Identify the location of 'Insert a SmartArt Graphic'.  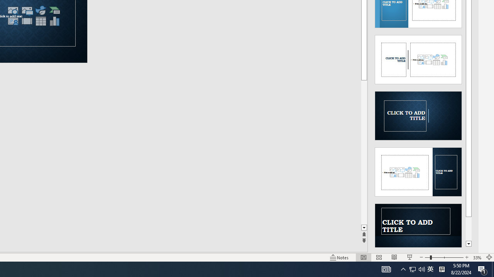
(54, 10).